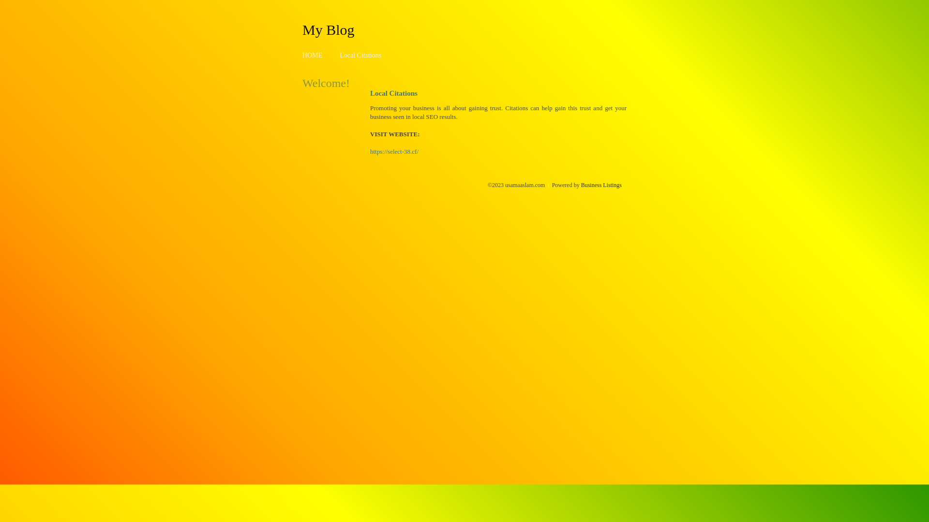 The image size is (929, 522). What do you see at coordinates (360, 55) in the screenshot?
I see `'Local Citations'` at bounding box center [360, 55].